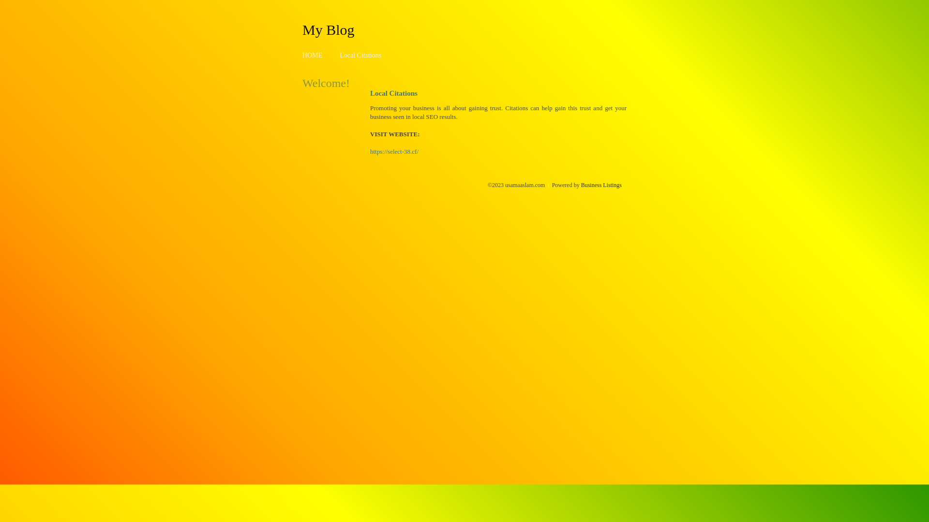 The image size is (929, 522). What do you see at coordinates (360, 55) in the screenshot?
I see `'Local Citations'` at bounding box center [360, 55].